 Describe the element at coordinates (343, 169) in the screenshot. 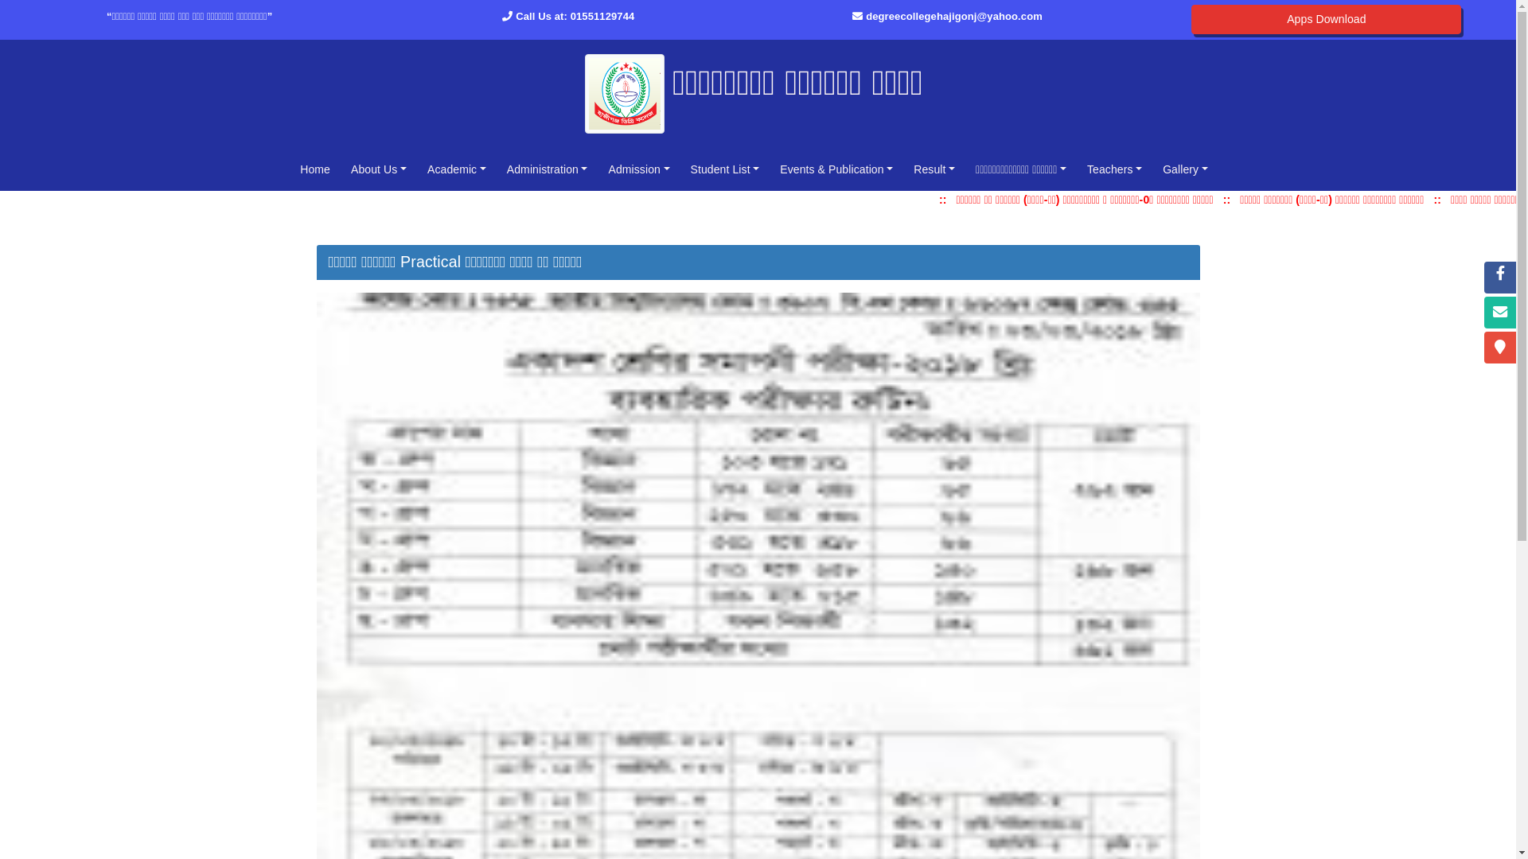

I see `'About Us'` at that location.